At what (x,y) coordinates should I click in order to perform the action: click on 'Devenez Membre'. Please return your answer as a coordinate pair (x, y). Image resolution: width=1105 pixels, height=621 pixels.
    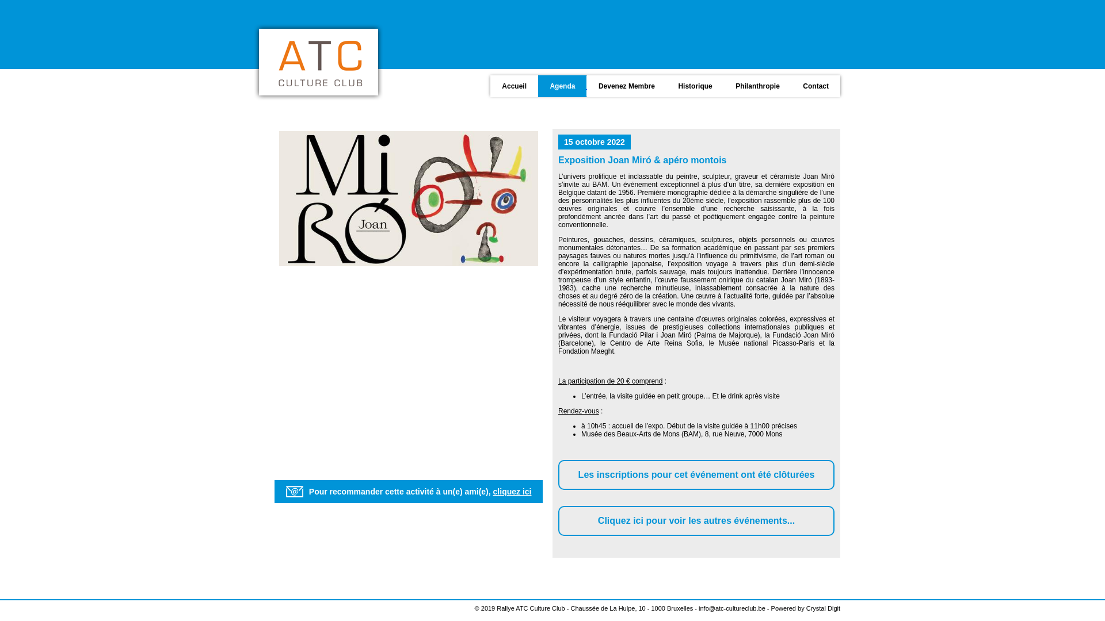
    Looking at the image, I should click on (624, 85).